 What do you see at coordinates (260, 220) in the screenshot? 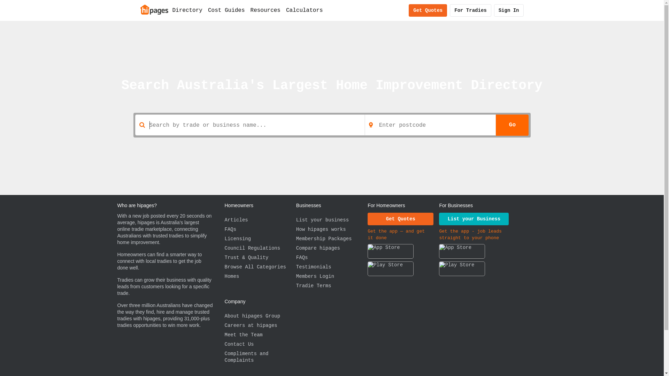
I see `'Articles'` at bounding box center [260, 220].